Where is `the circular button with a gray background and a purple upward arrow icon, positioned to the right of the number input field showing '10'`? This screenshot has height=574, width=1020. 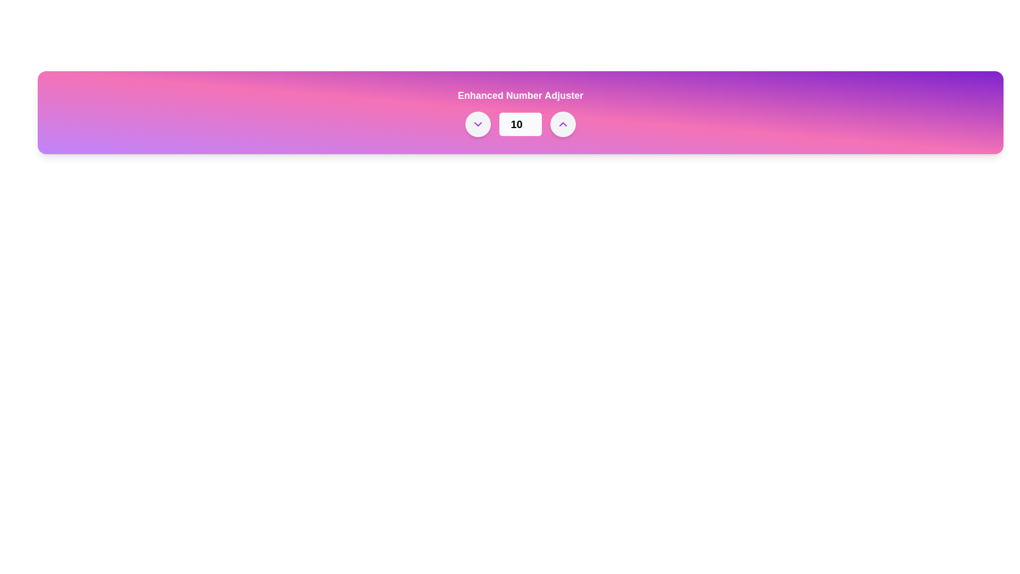
the circular button with a gray background and a purple upward arrow icon, positioned to the right of the number input field showing '10' is located at coordinates (563, 124).